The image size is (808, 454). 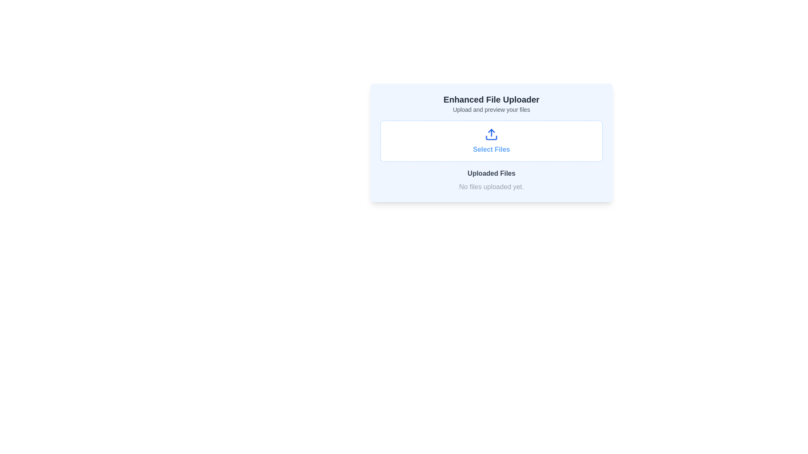 What do you see at coordinates (491, 186) in the screenshot?
I see `the Text label that indicates no files have been uploaded yet, located directly below the 'Uploaded Files' section heading` at bounding box center [491, 186].